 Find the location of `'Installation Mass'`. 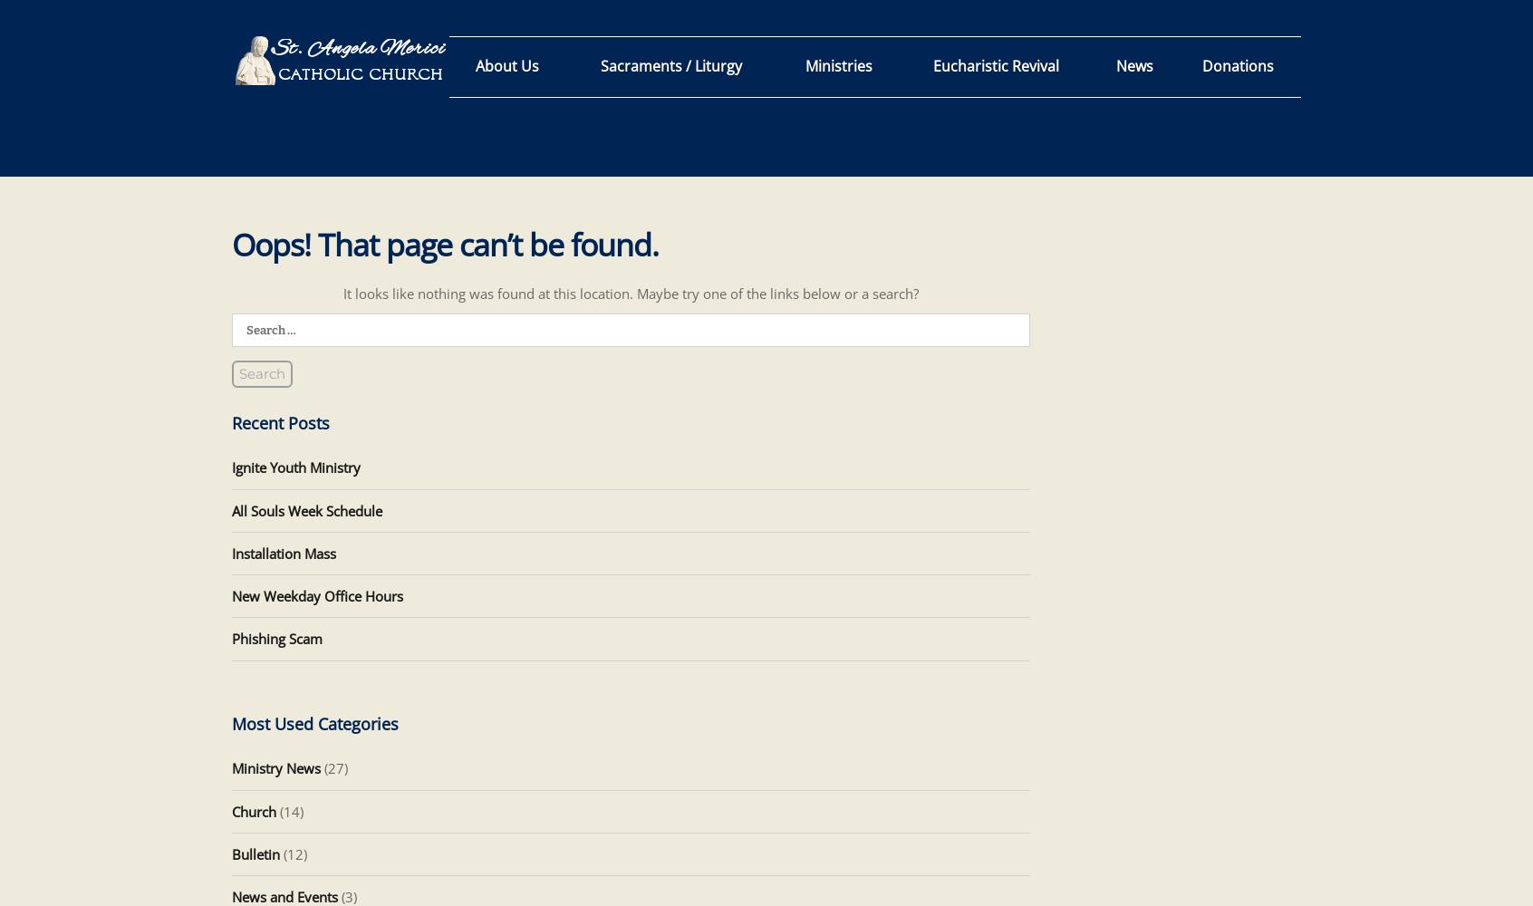

'Installation Mass' is located at coordinates (282, 552).